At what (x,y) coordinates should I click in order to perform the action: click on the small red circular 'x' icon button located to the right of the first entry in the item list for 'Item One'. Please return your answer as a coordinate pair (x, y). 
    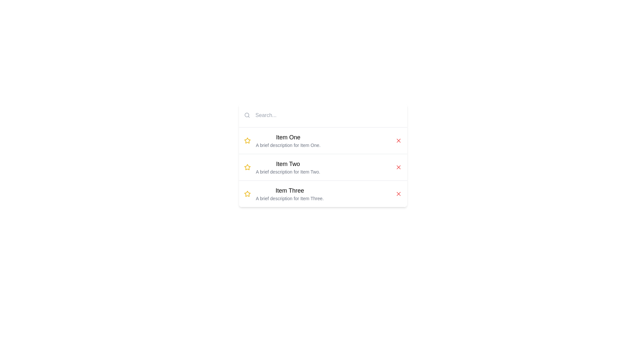
    Looking at the image, I should click on (398, 140).